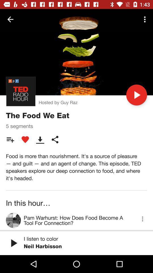 This screenshot has width=153, height=273. Describe the element at coordinates (136, 95) in the screenshot. I see `the icon next to hosted by guy item` at that location.